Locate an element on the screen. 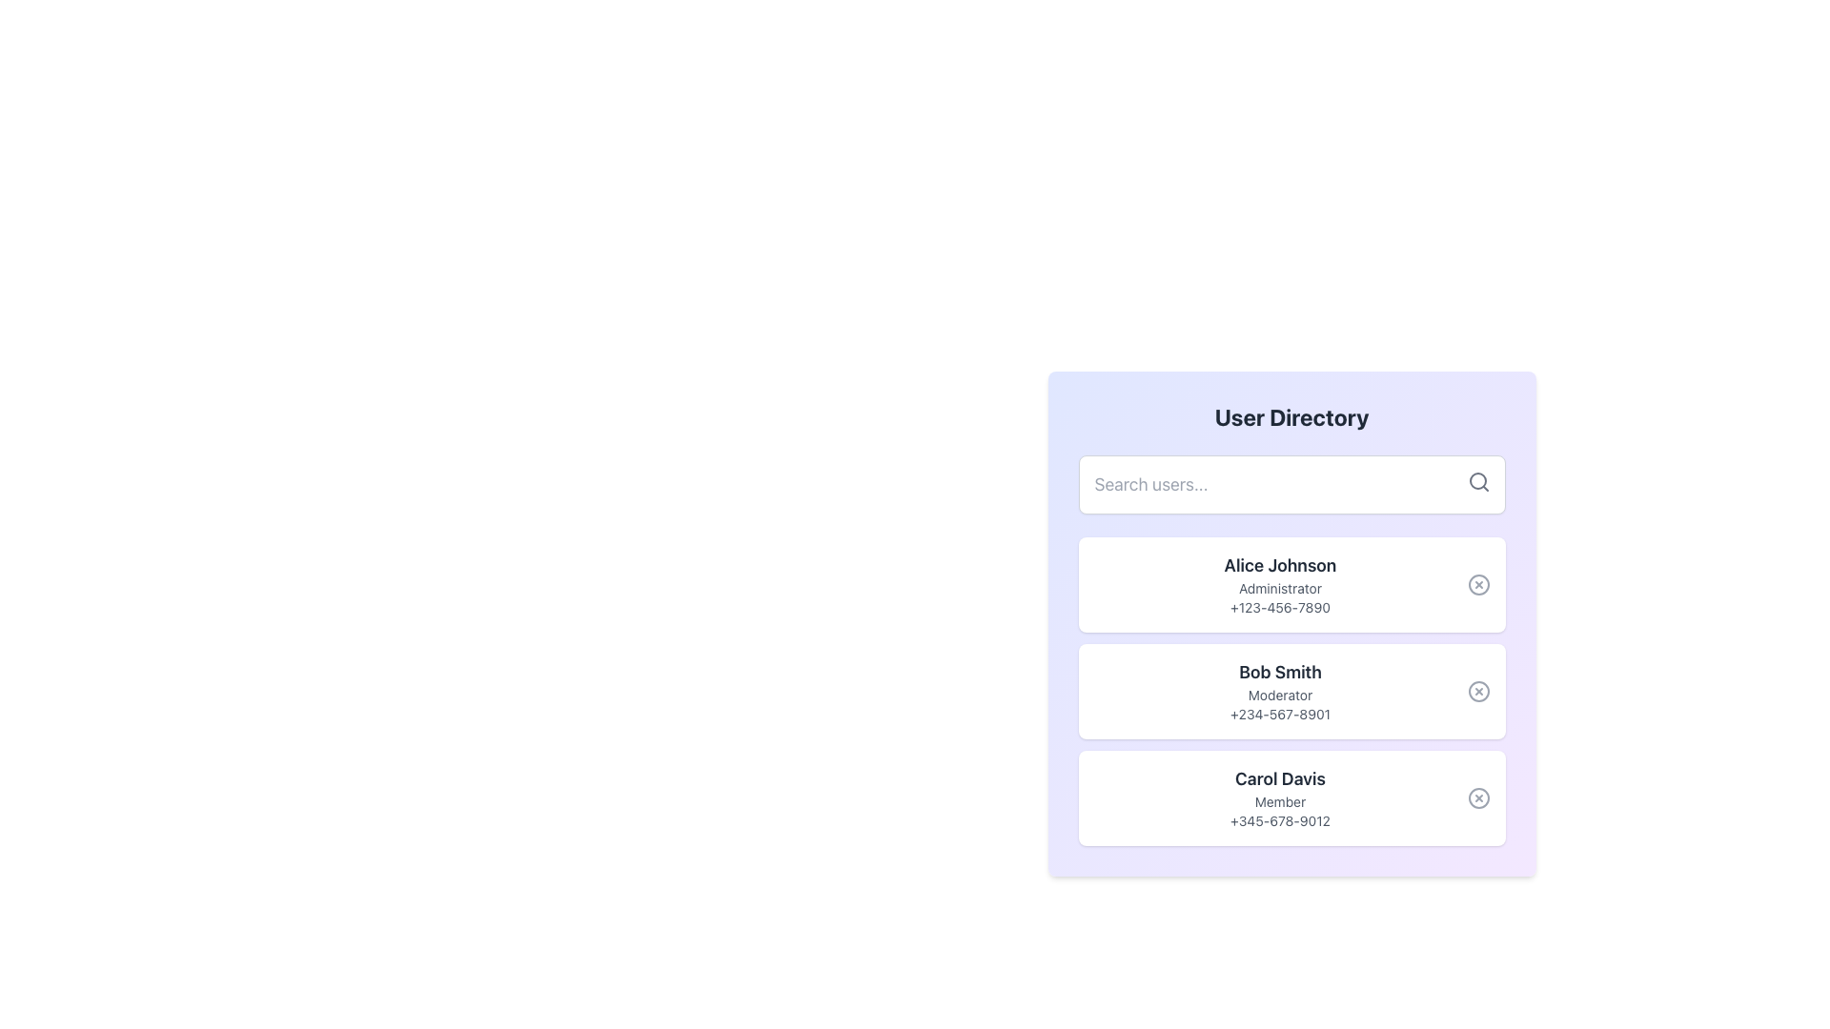 Image resolution: width=1830 pixels, height=1029 pixels. the Information Display Section containing the name 'Bob Smith', which is the second entry in the User Directory is located at coordinates (1280, 691).